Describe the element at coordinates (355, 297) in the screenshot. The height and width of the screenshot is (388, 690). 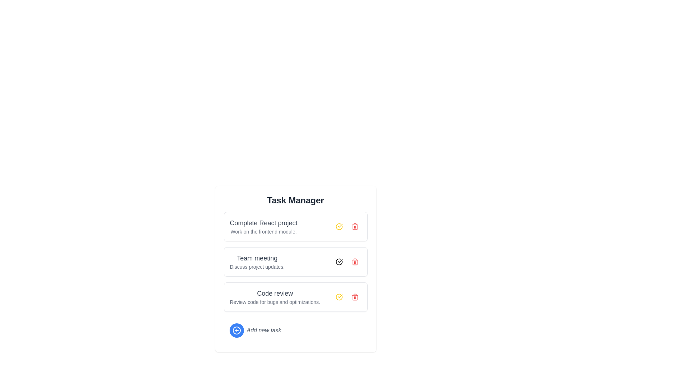
I see `the Icon button located on the far right side of the 'Code review' task in the 'Task Manager' interface` at that location.